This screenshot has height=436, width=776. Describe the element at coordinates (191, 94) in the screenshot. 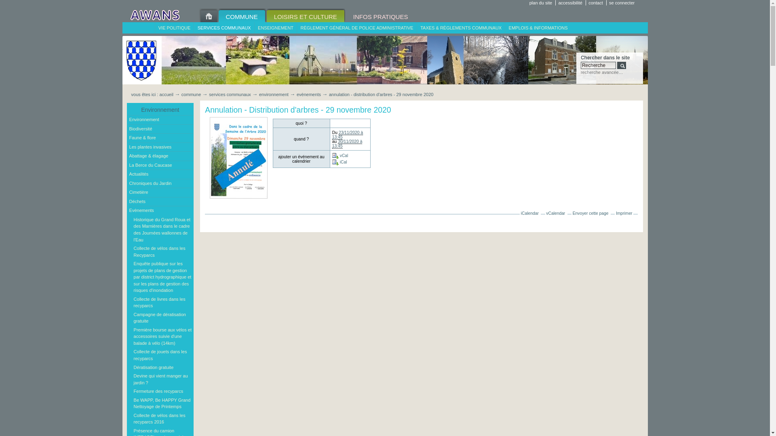

I see `'commune'` at that location.